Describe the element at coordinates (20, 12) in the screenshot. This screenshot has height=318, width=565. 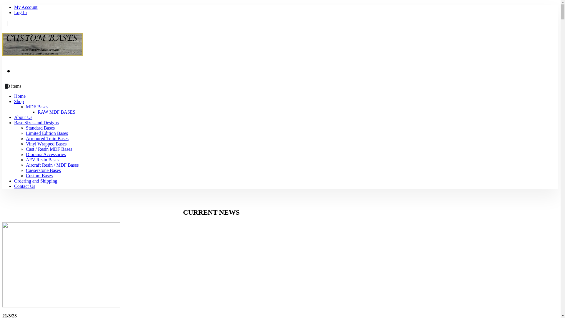
I see `'Log In'` at that location.